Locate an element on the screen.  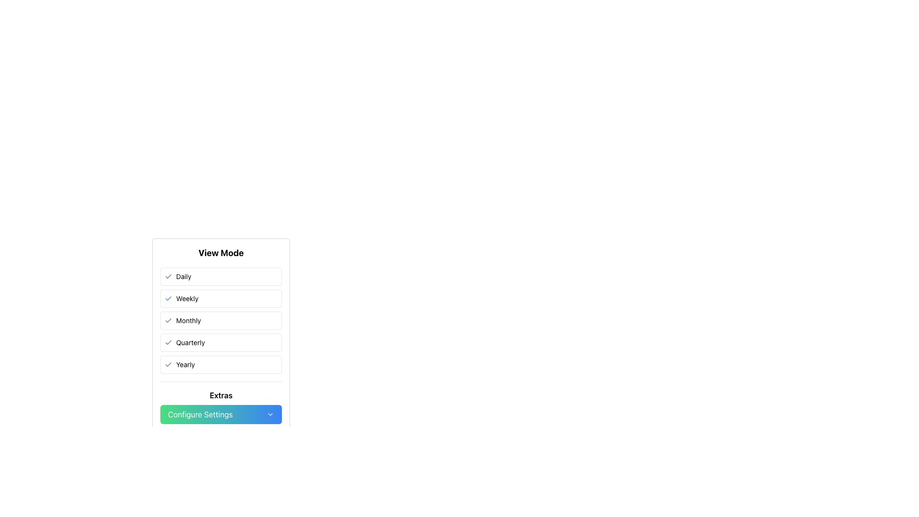
the 'View Mode' text label, which is styled in bold black font and serves as a section title for view mode options is located at coordinates (220, 252).